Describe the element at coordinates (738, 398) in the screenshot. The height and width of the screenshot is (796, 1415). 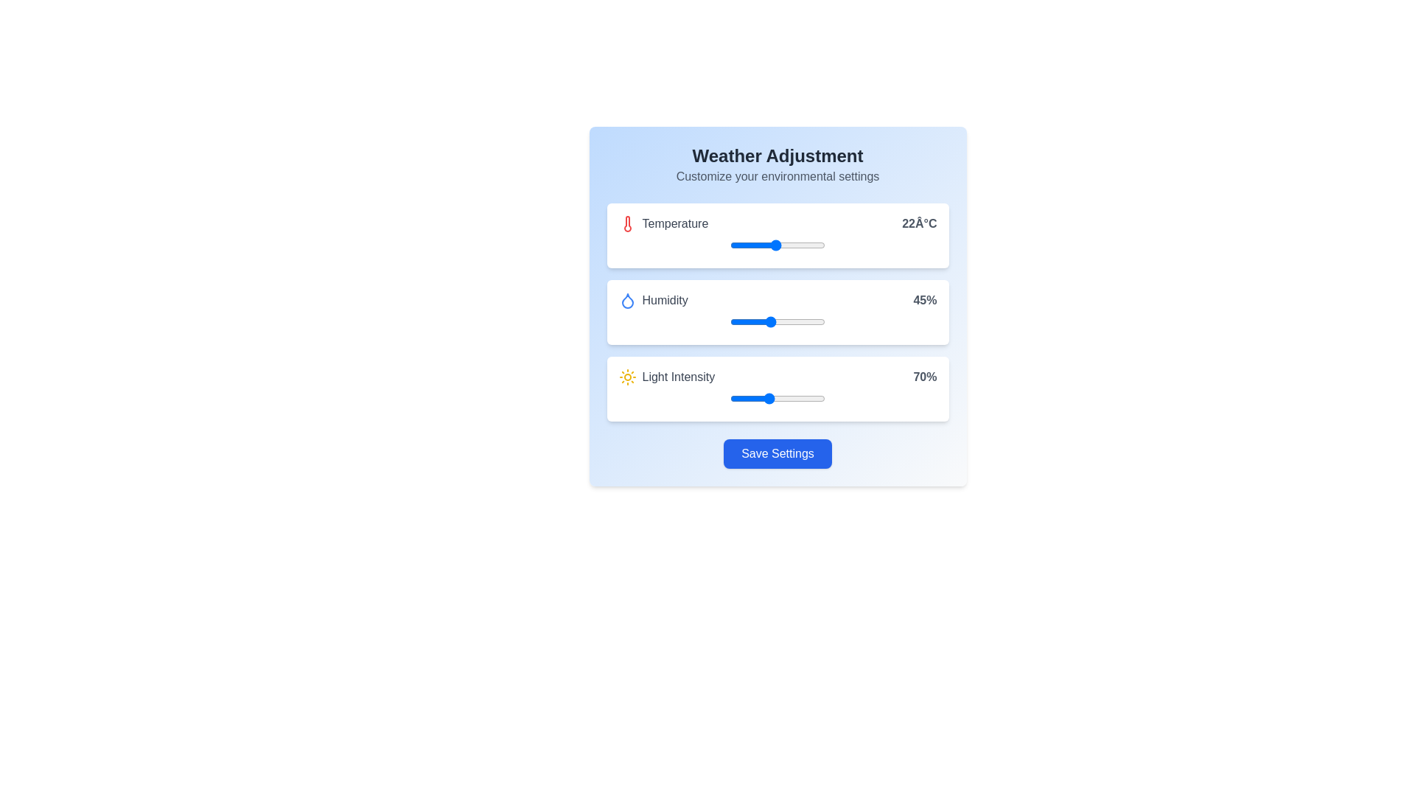
I see `the light intensity` at that location.